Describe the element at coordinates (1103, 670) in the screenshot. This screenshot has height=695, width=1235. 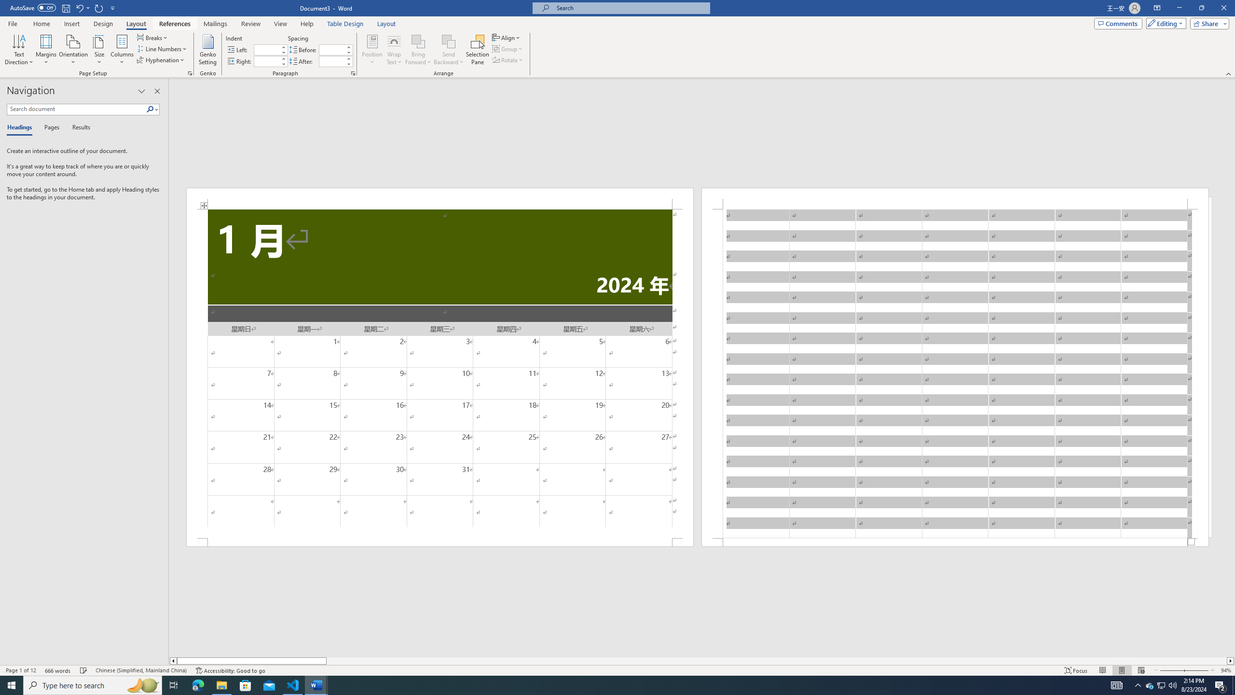
I see `'Read Mode'` at that location.